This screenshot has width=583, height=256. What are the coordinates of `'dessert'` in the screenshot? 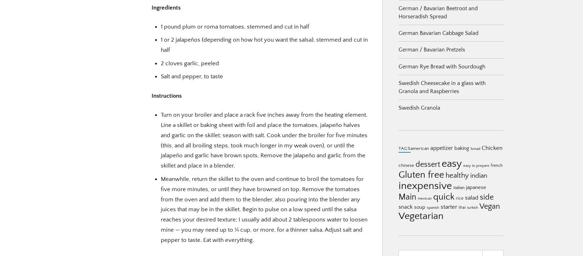 It's located at (415, 164).